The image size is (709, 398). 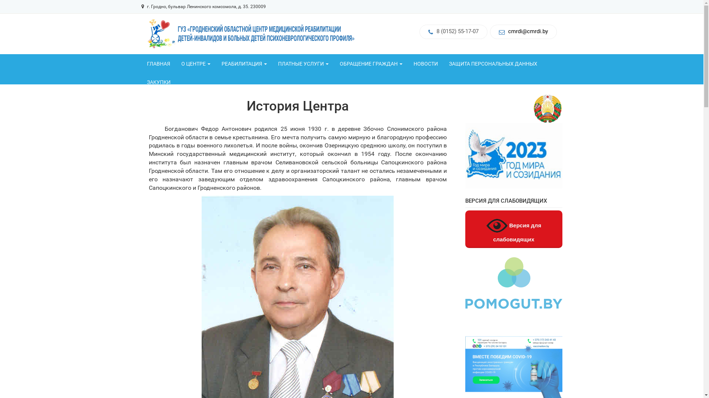 What do you see at coordinates (508, 31) in the screenshot?
I see `'cmrdi@cmrdi.by'` at bounding box center [508, 31].